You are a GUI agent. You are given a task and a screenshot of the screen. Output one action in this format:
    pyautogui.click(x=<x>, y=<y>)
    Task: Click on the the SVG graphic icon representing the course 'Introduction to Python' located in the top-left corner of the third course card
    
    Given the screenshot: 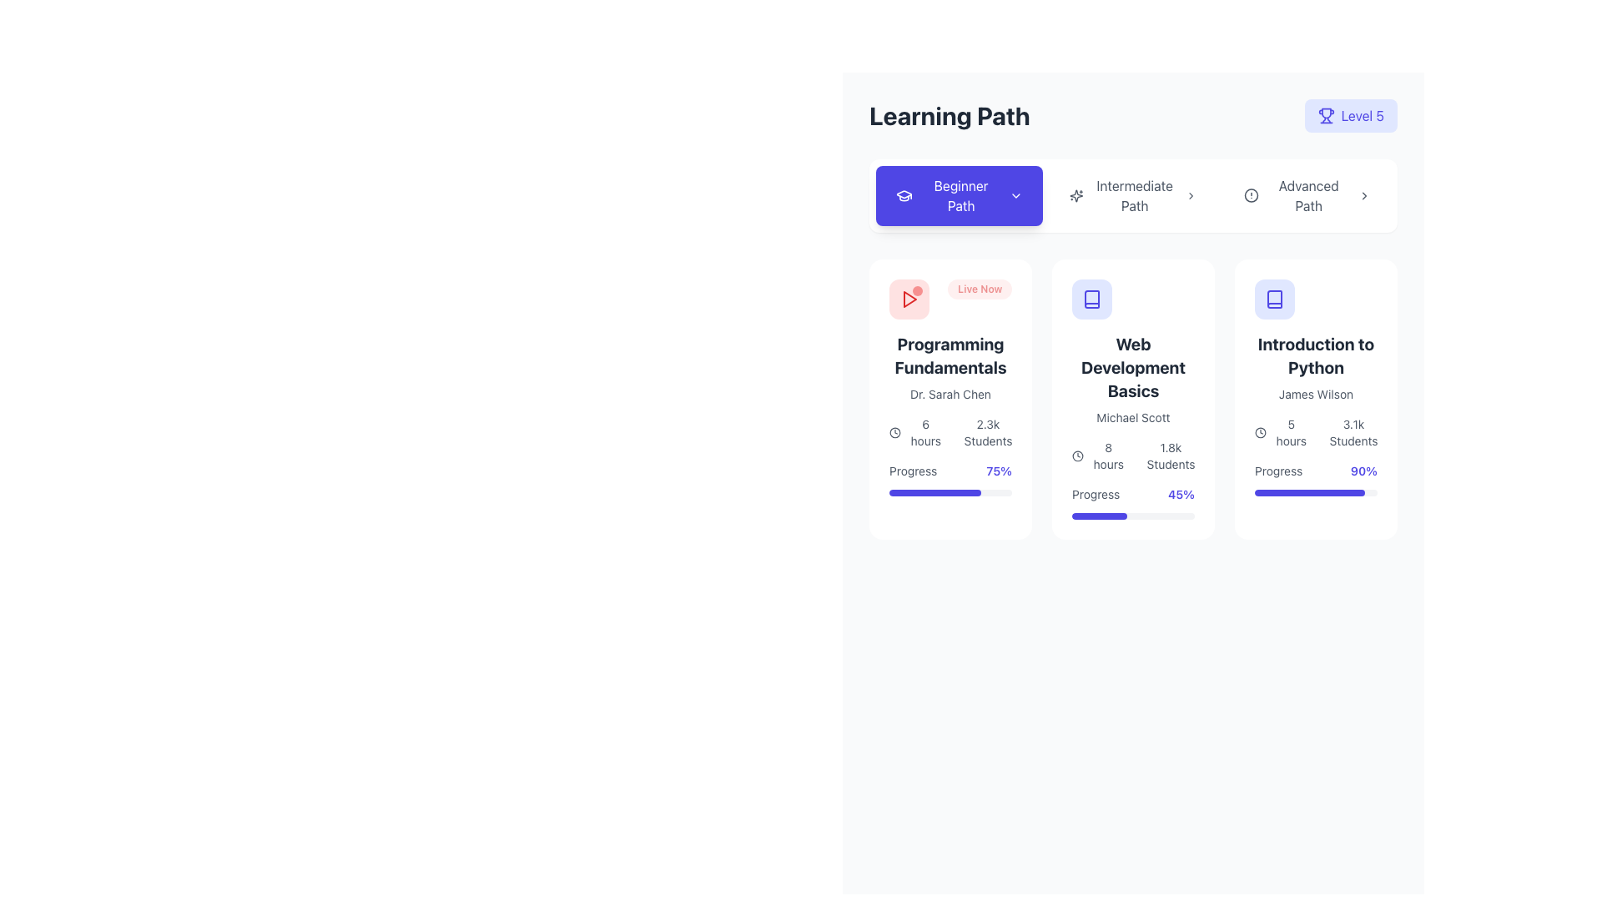 What is the action you would take?
    pyautogui.click(x=1273, y=298)
    